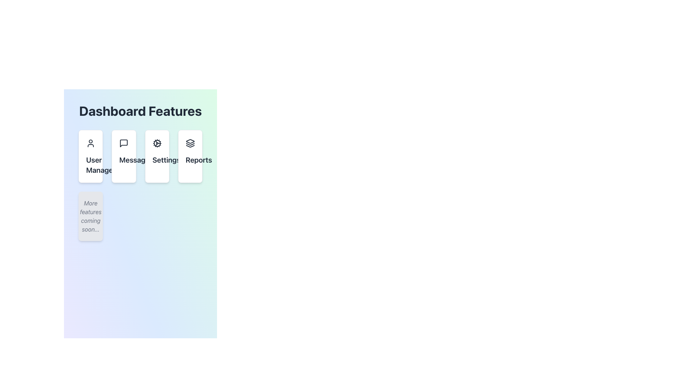 The height and width of the screenshot is (392, 698). Describe the element at coordinates (157, 159) in the screenshot. I see `on the bold, centered text label that reads 'Settings' located within the third card from the left in a row of four cards under 'Dashboard Features'` at that location.